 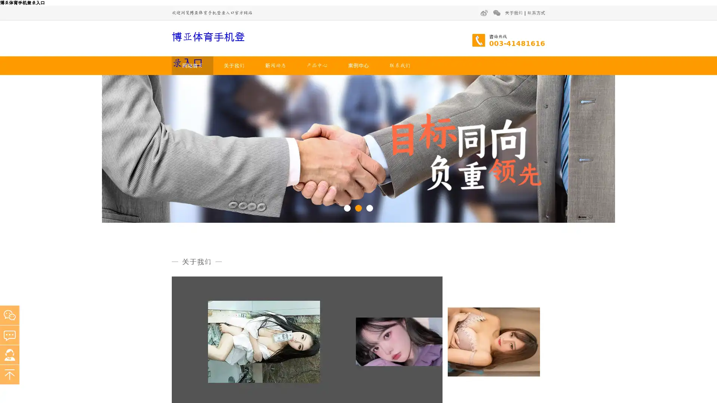 I want to click on 1, so click(x=347, y=207).